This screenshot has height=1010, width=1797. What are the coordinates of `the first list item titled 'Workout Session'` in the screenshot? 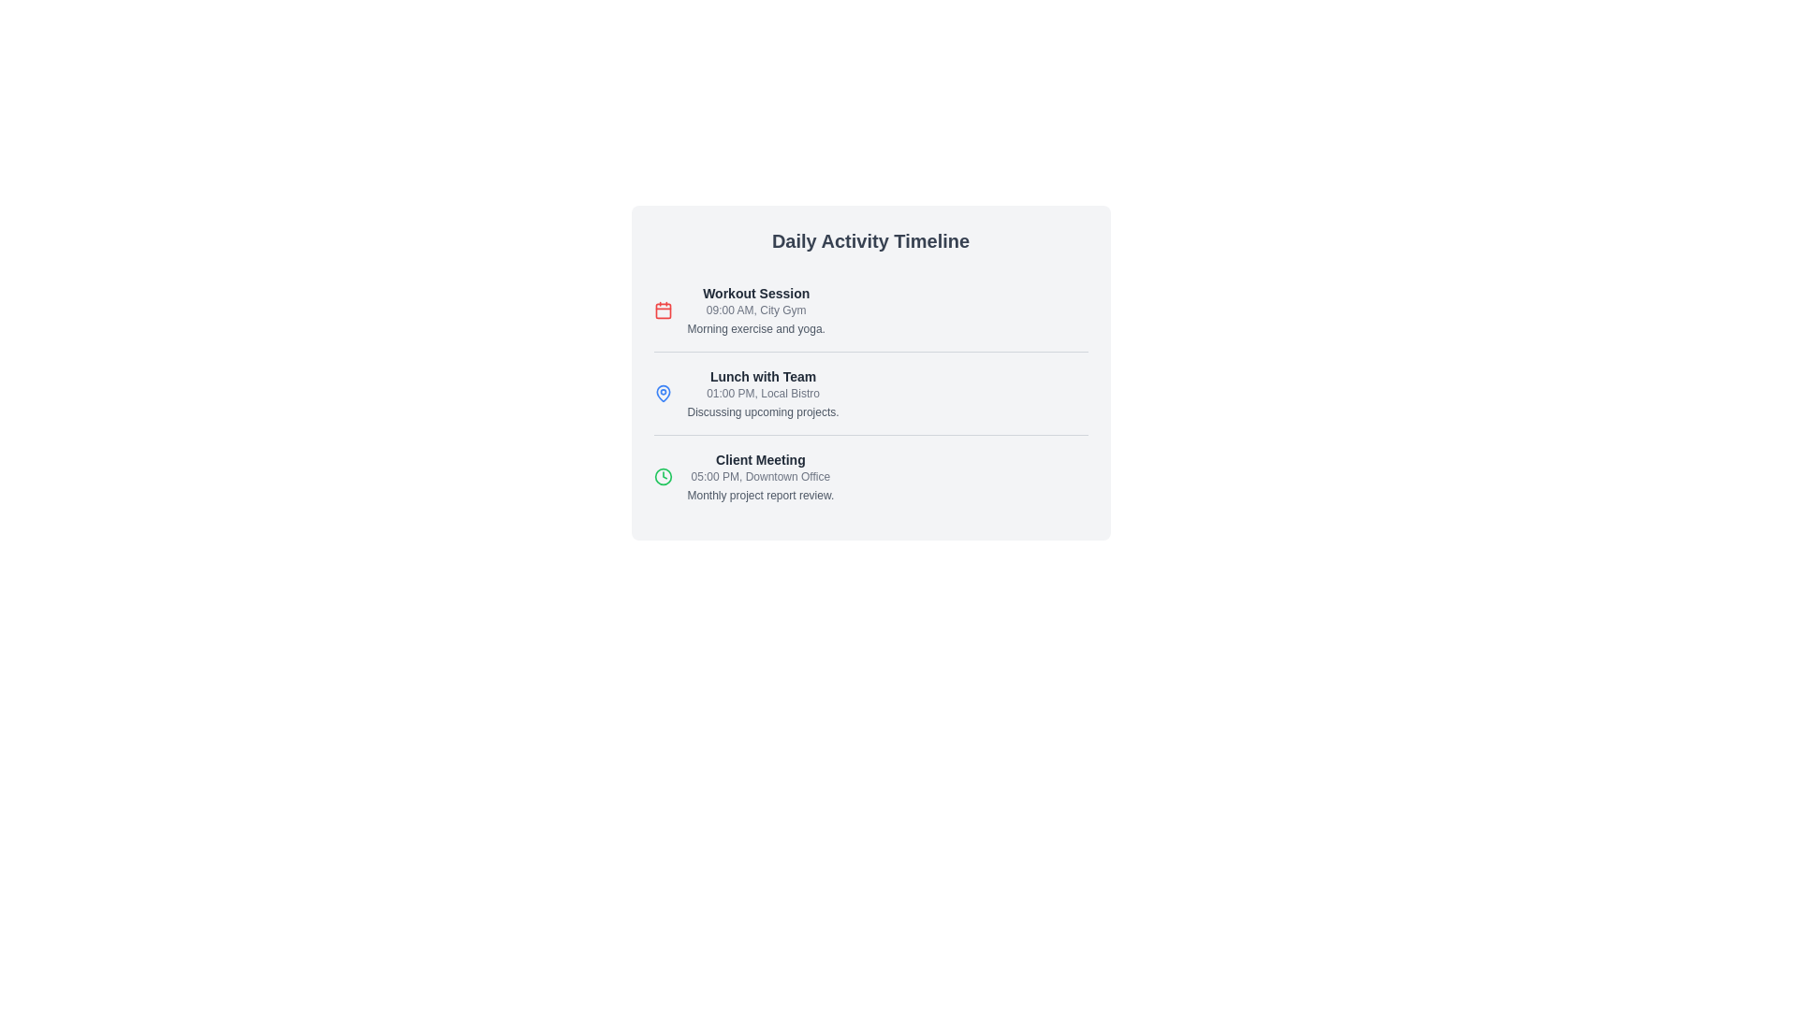 It's located at (869, 309).